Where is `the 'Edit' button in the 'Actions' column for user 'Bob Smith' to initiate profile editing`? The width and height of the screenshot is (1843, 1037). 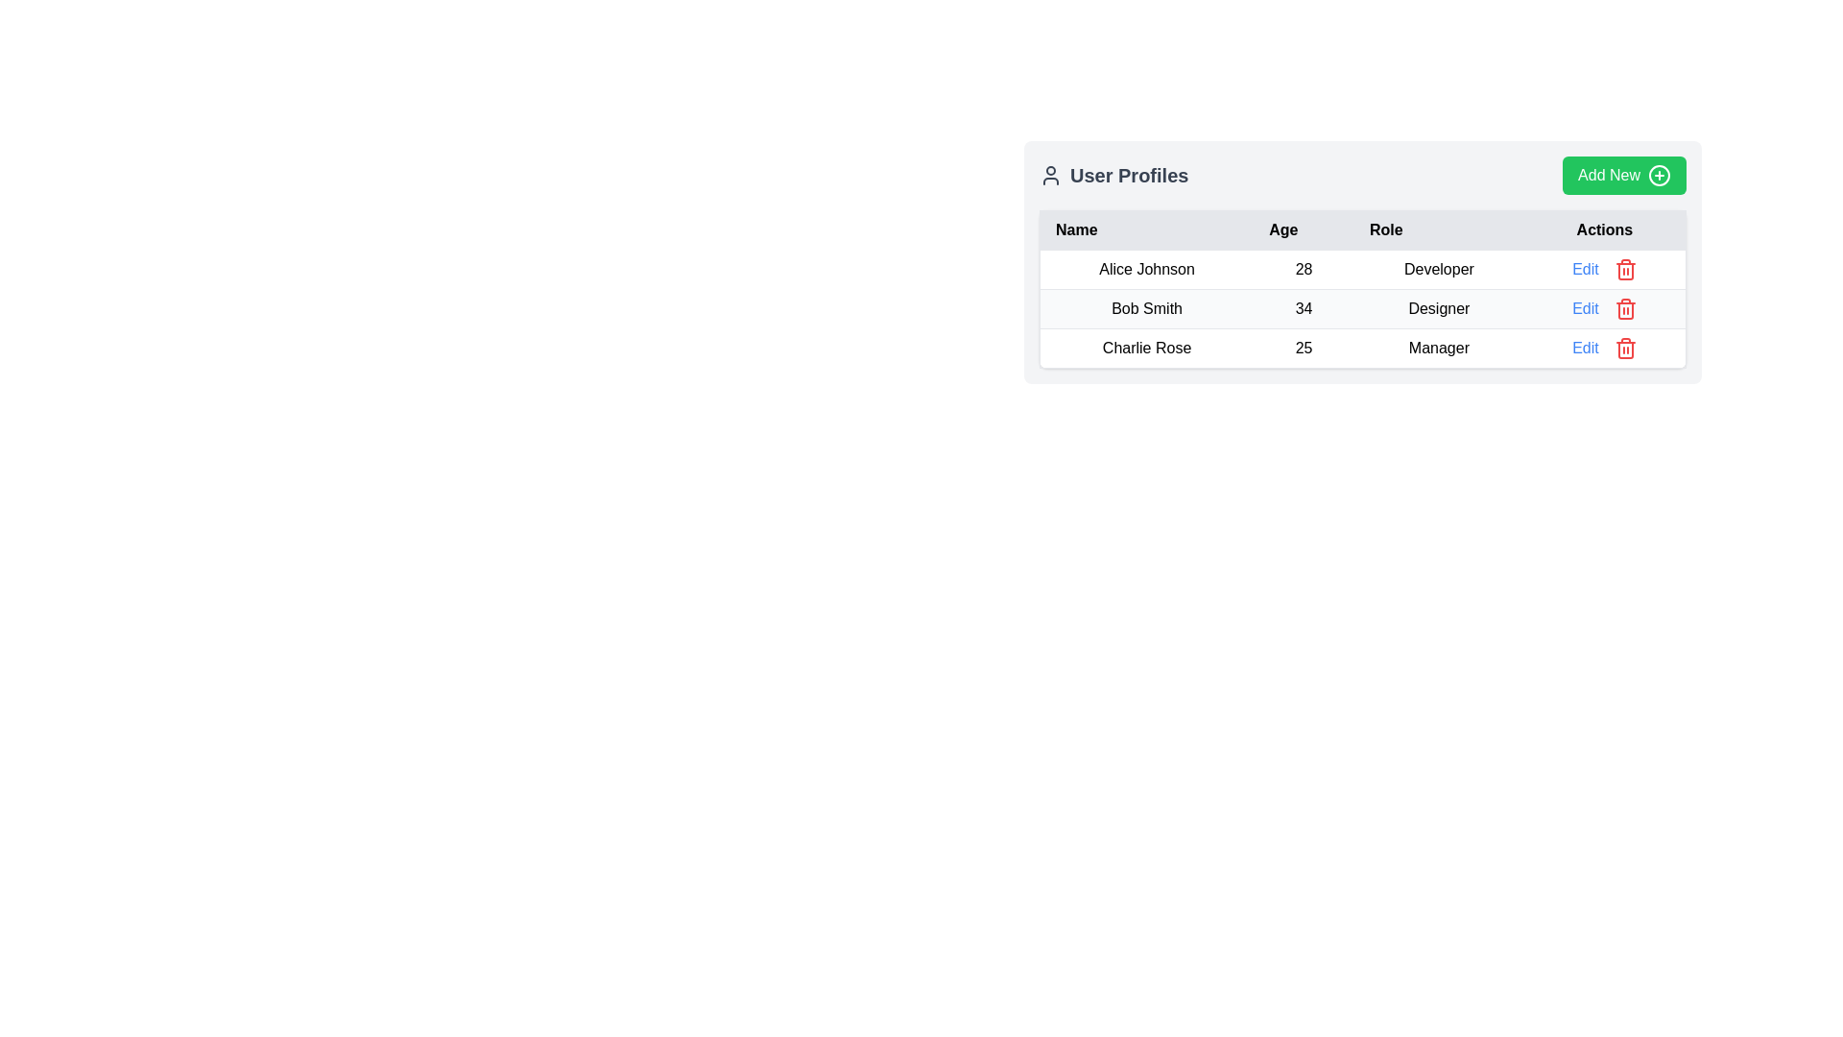
the 'Edit' button in the 'Actions' column for user 'Bob Smith' to initiate profile editing is located at coordinates (1604, 307).